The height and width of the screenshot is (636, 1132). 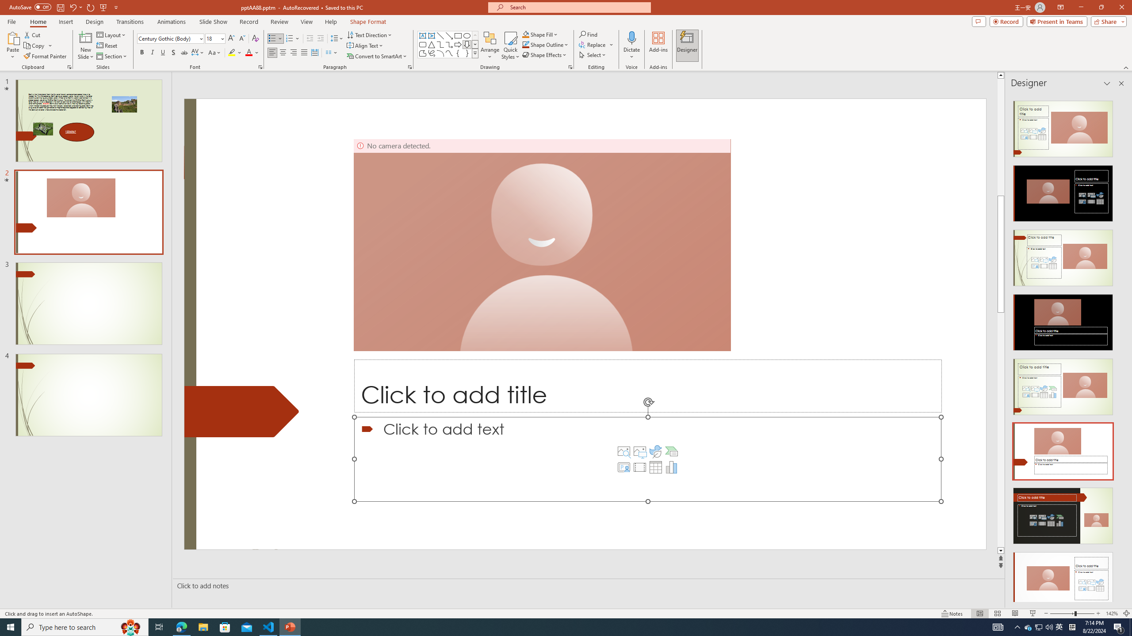 I want to click on 'Character Spacing', so click(x=198, y=52).